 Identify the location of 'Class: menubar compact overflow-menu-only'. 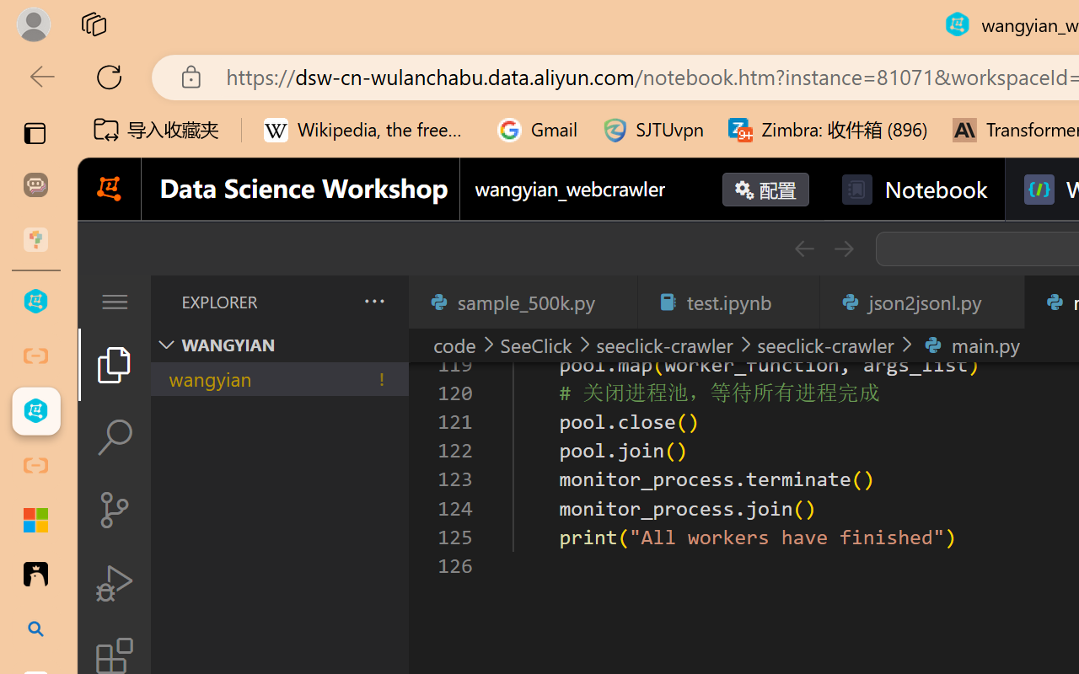
(113, 302).